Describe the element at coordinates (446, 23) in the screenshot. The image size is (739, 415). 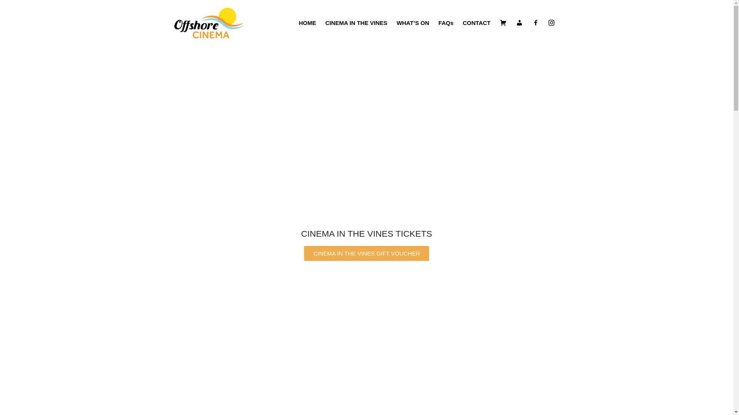
I see `'FAQs'` at that location.